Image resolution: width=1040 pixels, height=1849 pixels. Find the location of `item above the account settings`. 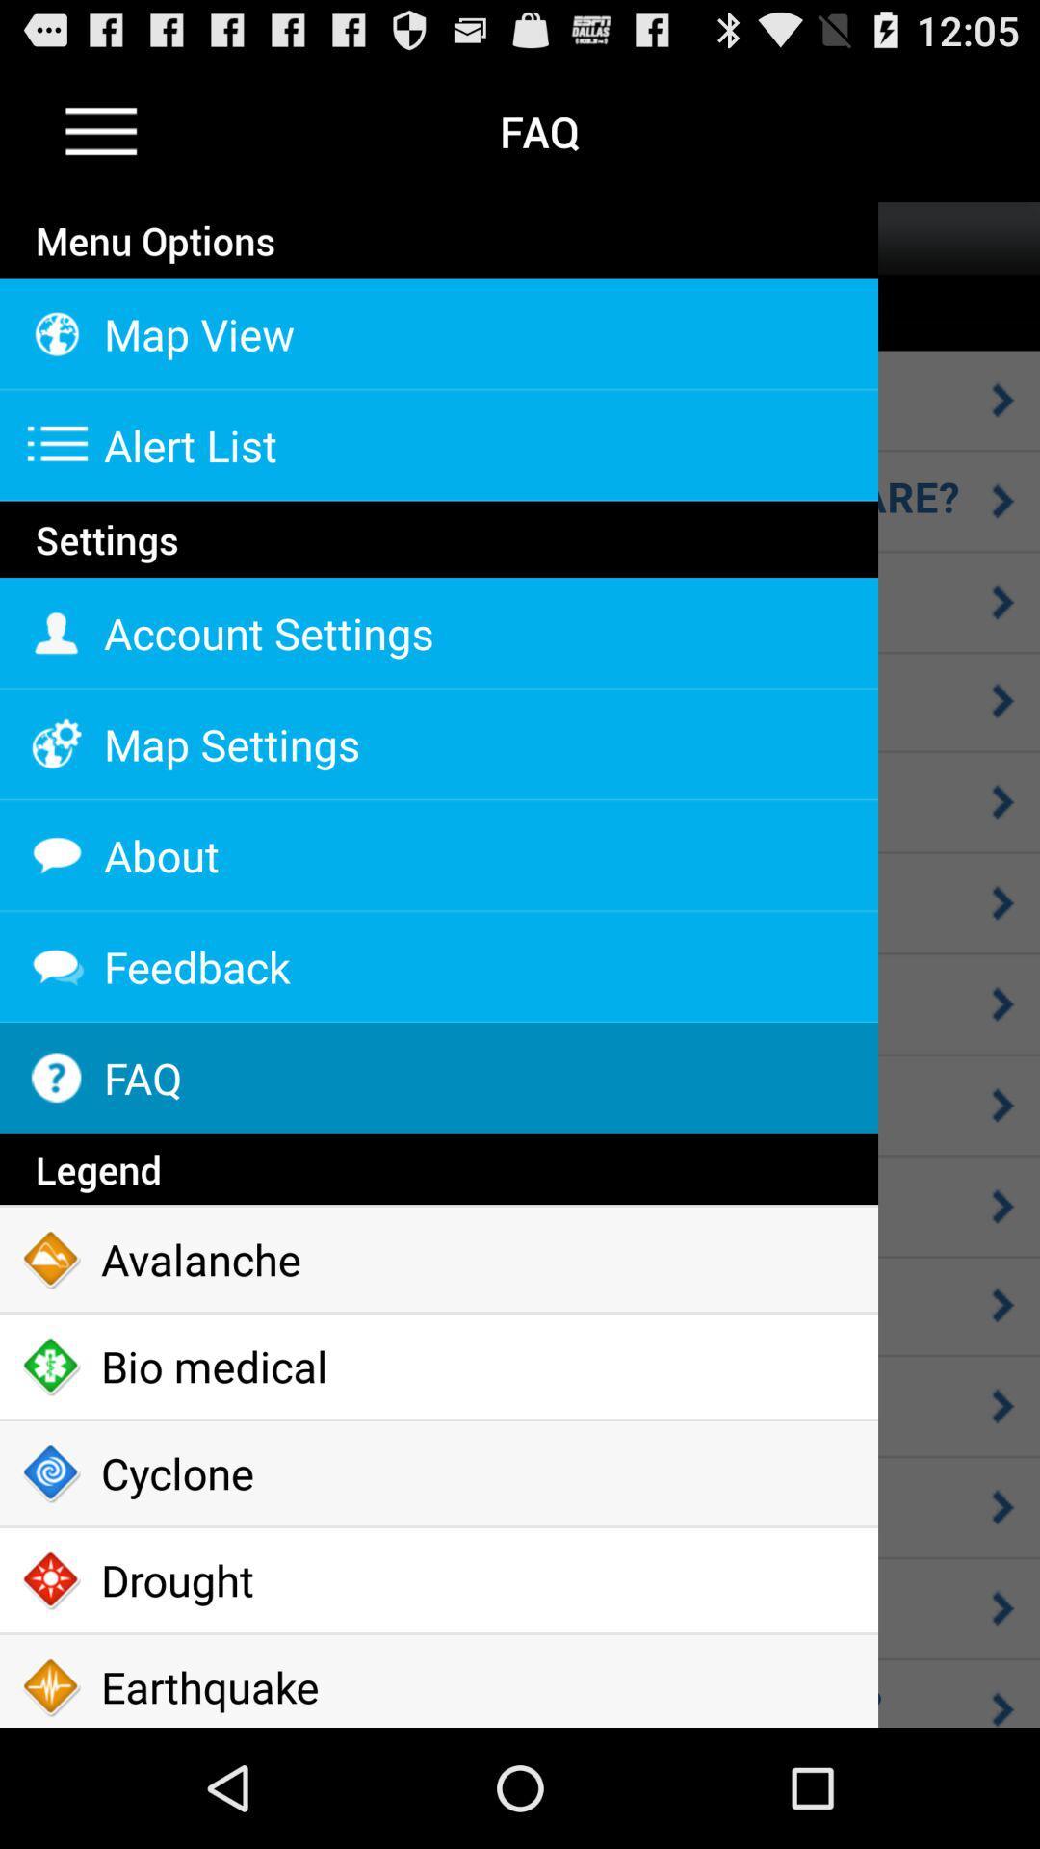

item above the account settings is located at coordinates (438, 575).